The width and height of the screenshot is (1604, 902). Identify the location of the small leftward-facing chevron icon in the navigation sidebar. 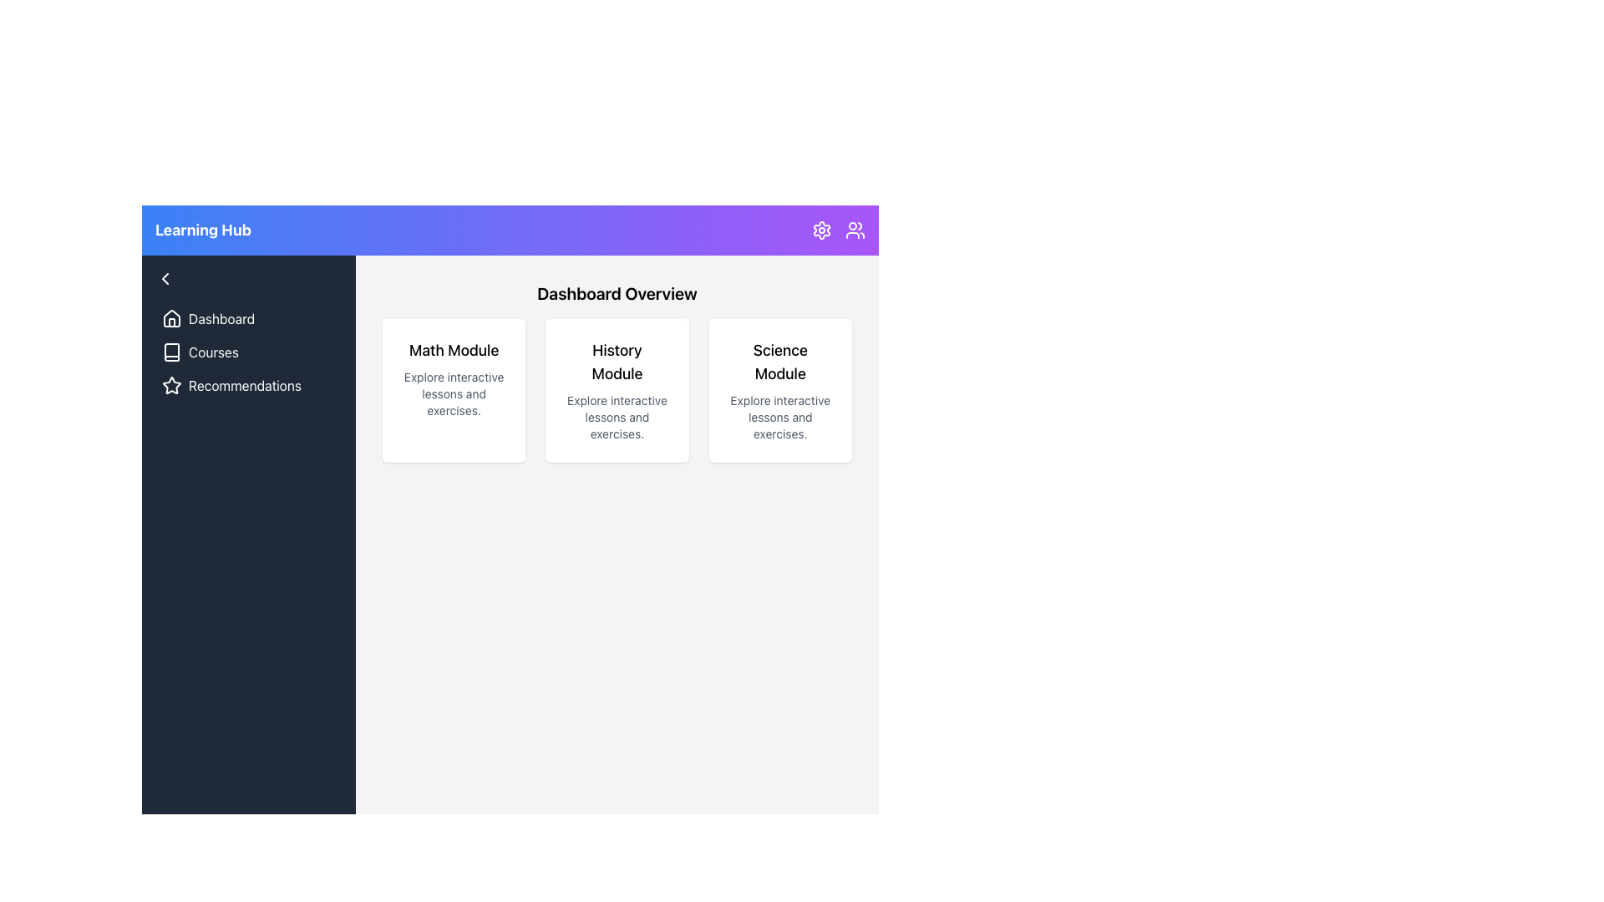
(165, 278).